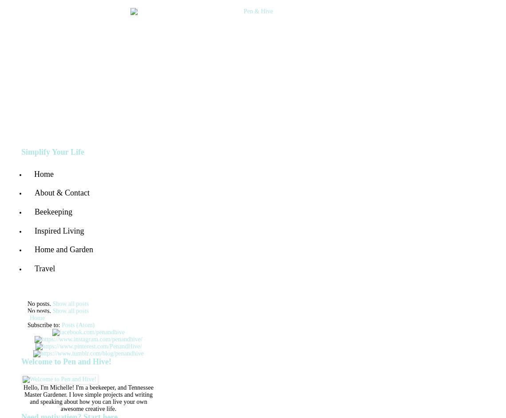 The height and width of the screenshot is (418, 506). What do you see at coordinates (52, 152) in the screenshot?
I see `'Simplify Your Life'` at bounding box center [52, 152].